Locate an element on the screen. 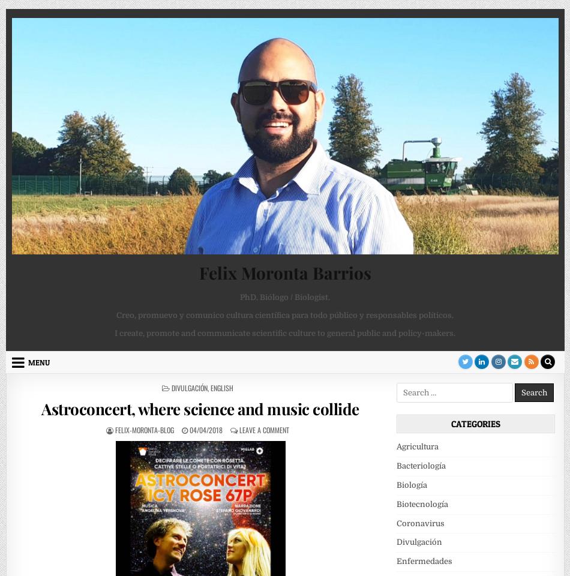  '04/04/2018' is located at coordinates (188, 429).